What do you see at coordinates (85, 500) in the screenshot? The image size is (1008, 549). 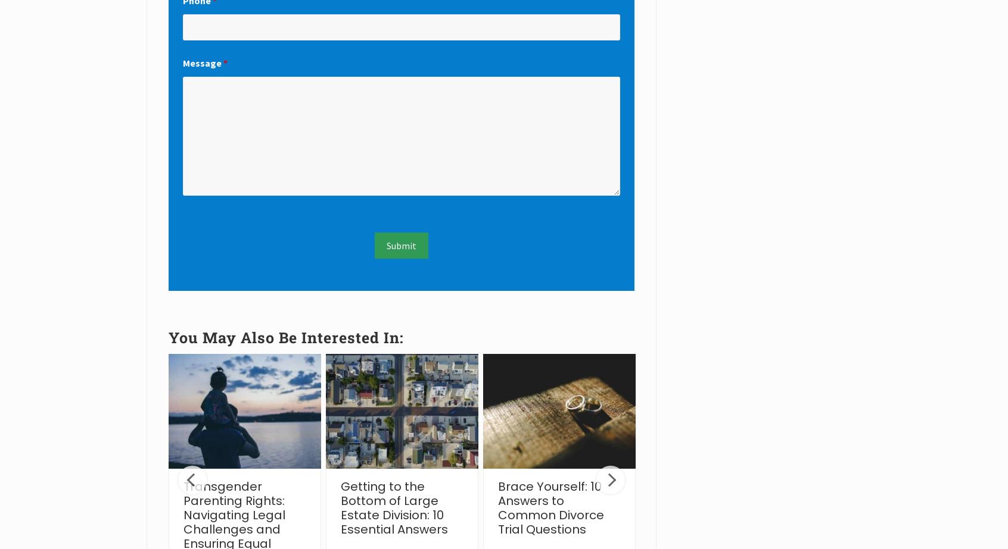 I see `'10 Child Visitation or “Parenting Time” Q&As'` at bounding box center [85, 500].